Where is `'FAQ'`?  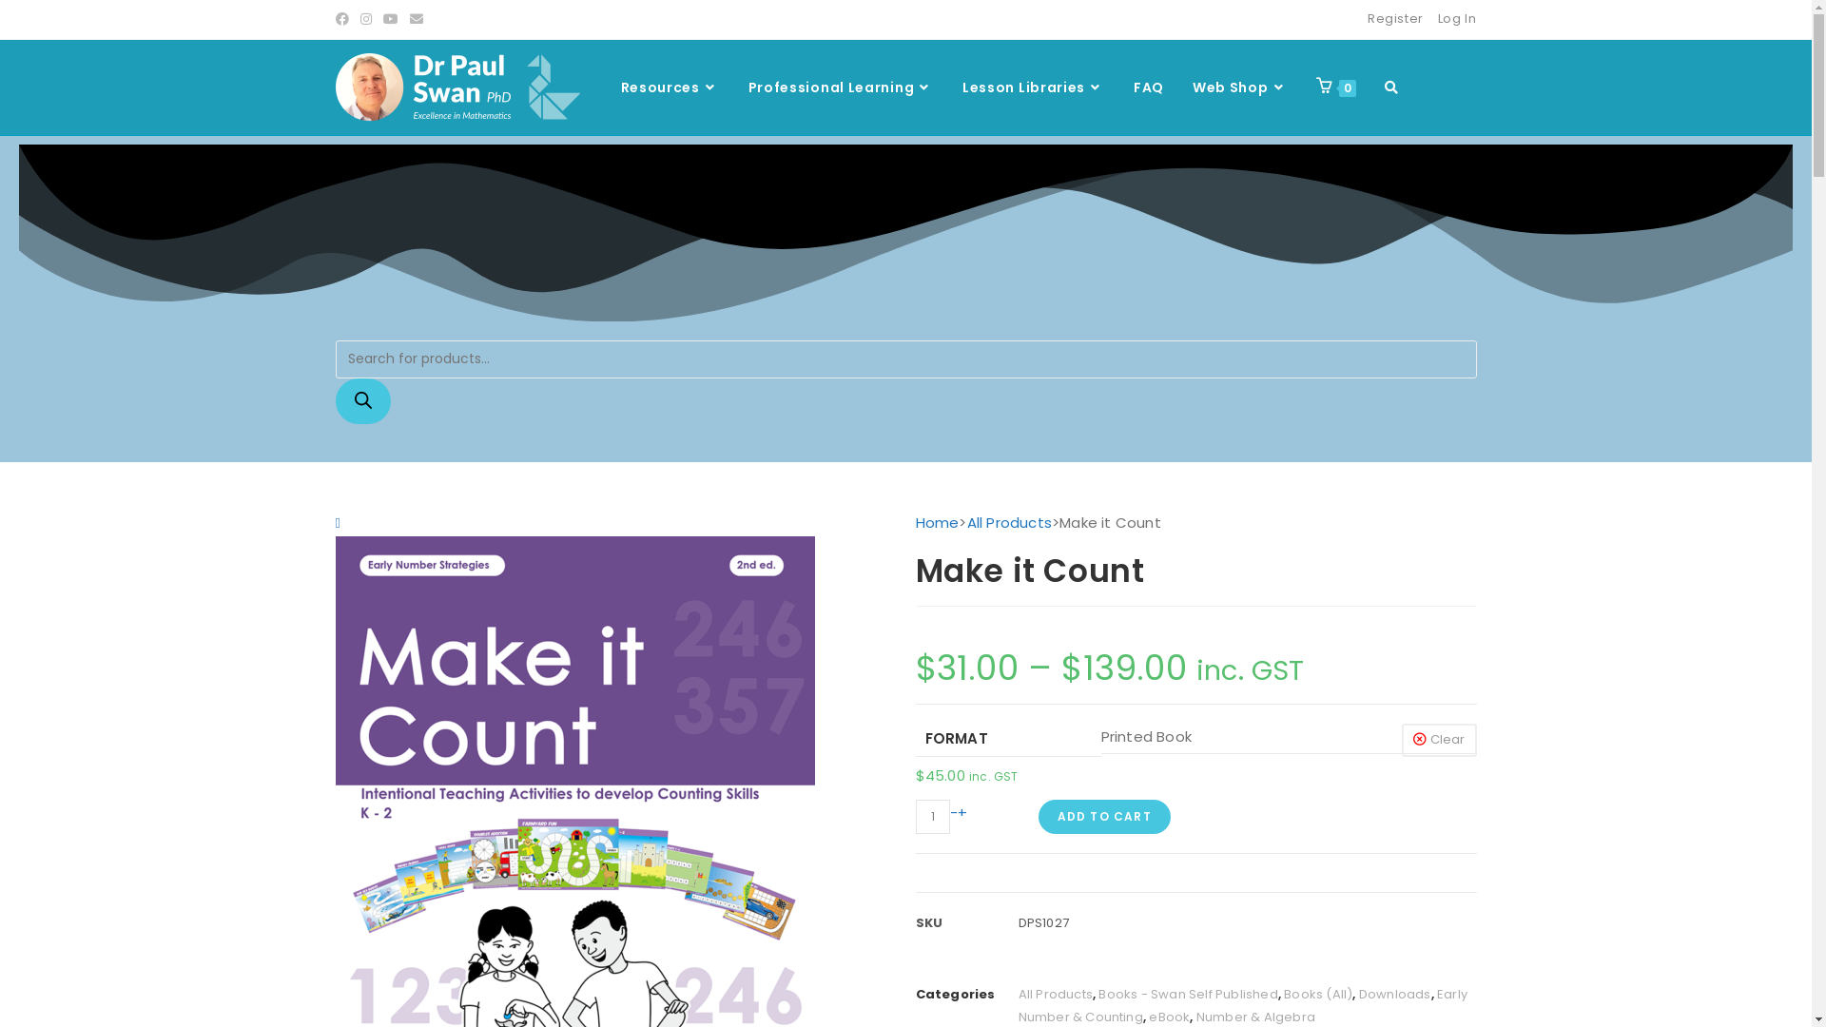
'FAQ' is located at coordinates (1148, 87).